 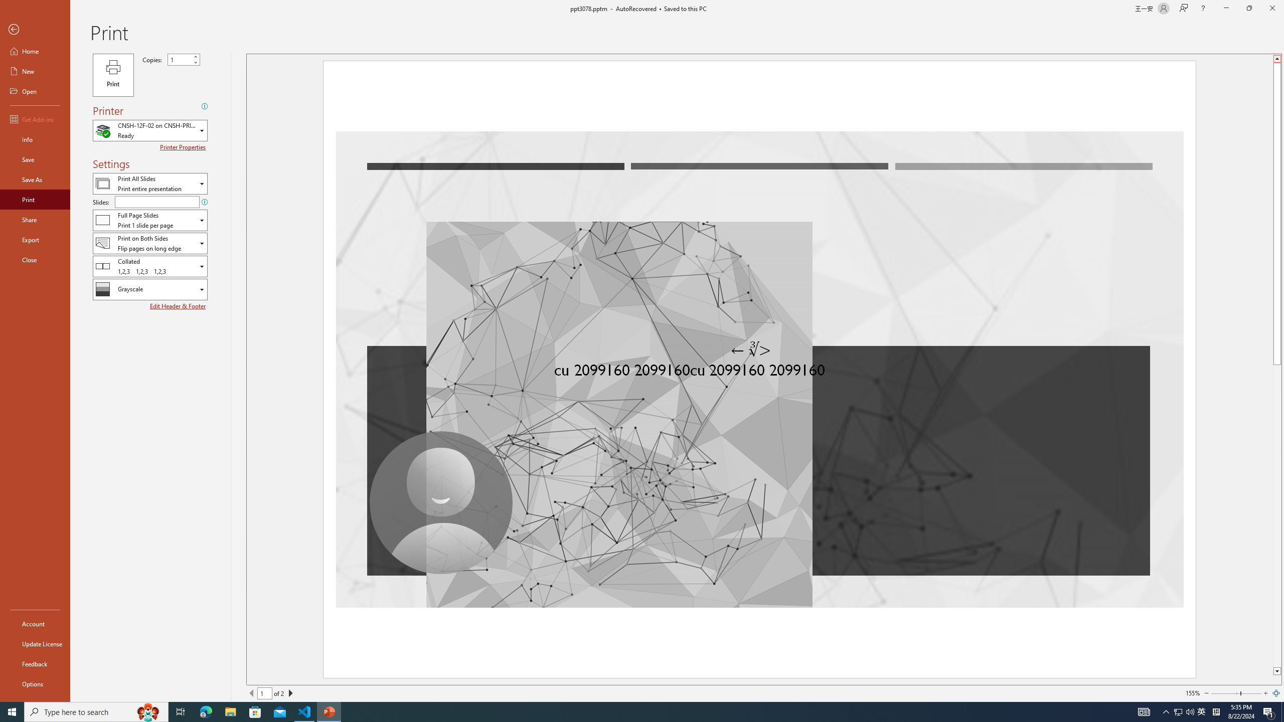 I want to click on '155%', so click(x=1192, y=693).